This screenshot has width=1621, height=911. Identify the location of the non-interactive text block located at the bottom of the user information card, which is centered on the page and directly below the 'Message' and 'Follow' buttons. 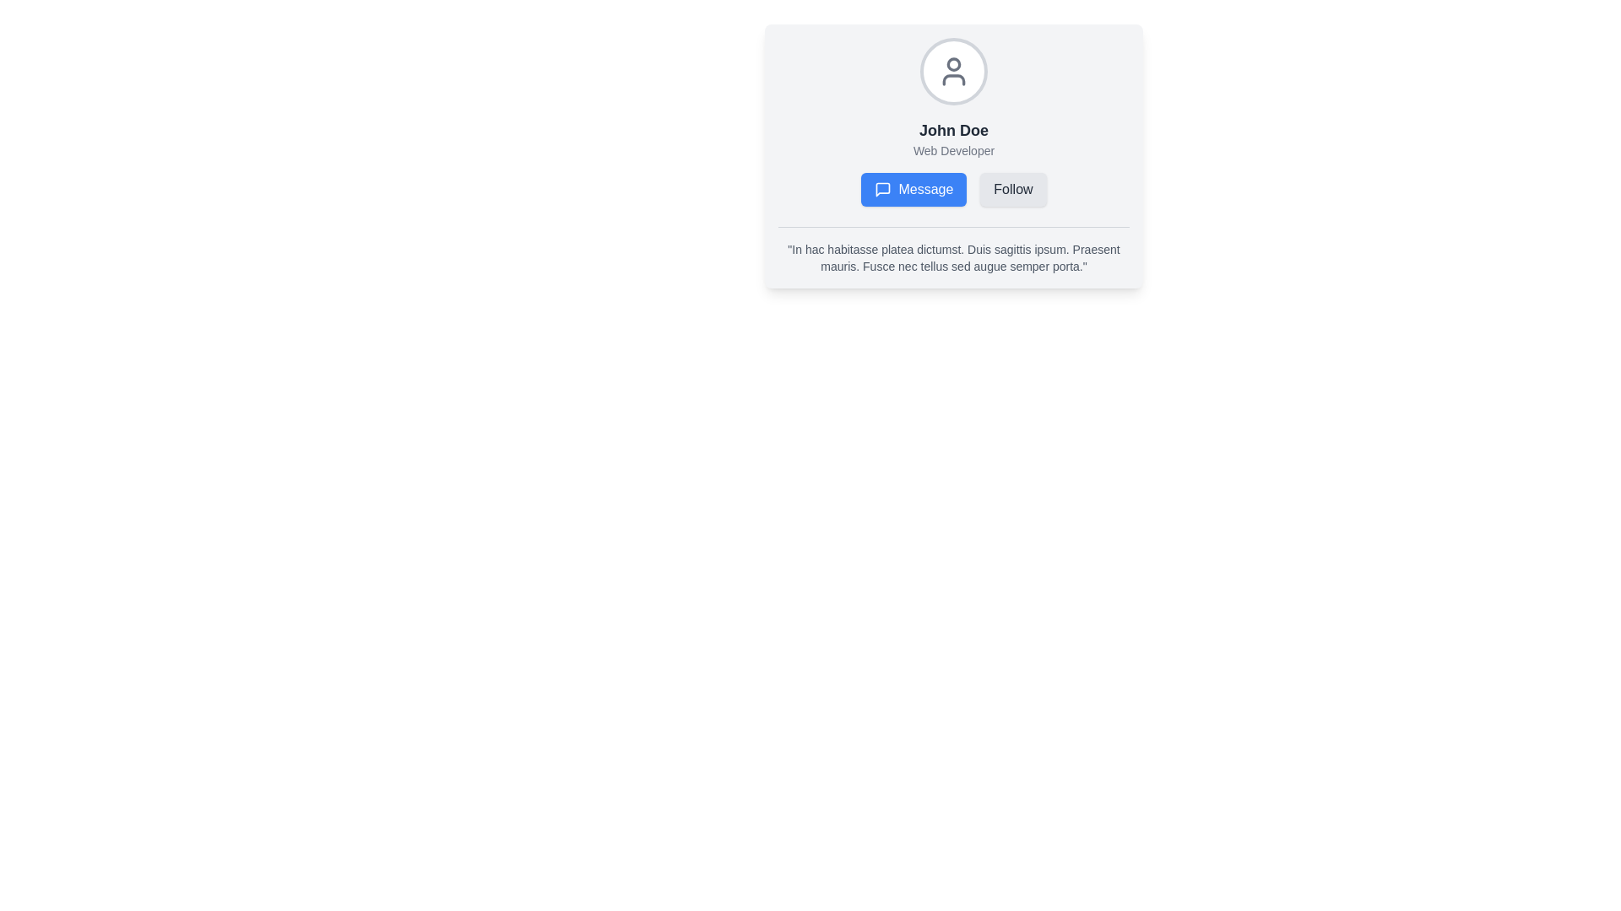
(953, 251).